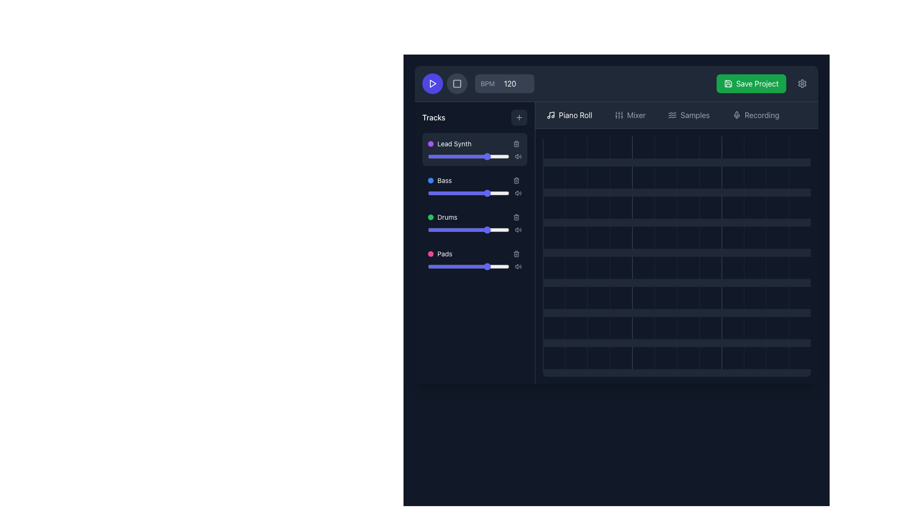  What do you see at coordinates (486, 193) in the screenshot?
I see `the slider` at bounding box center [486, 193].